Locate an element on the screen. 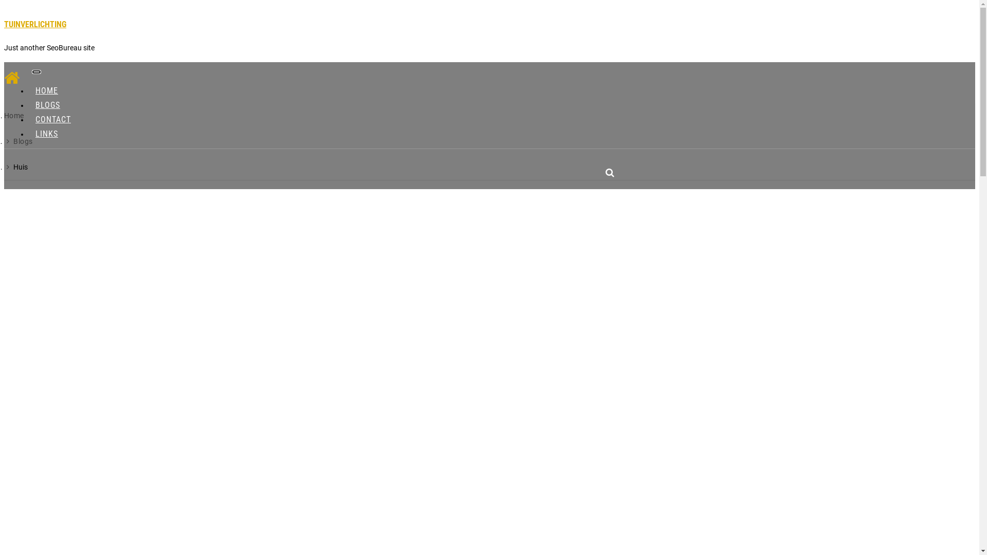  'Toggle navigation' is located at coordinates (32, 71).